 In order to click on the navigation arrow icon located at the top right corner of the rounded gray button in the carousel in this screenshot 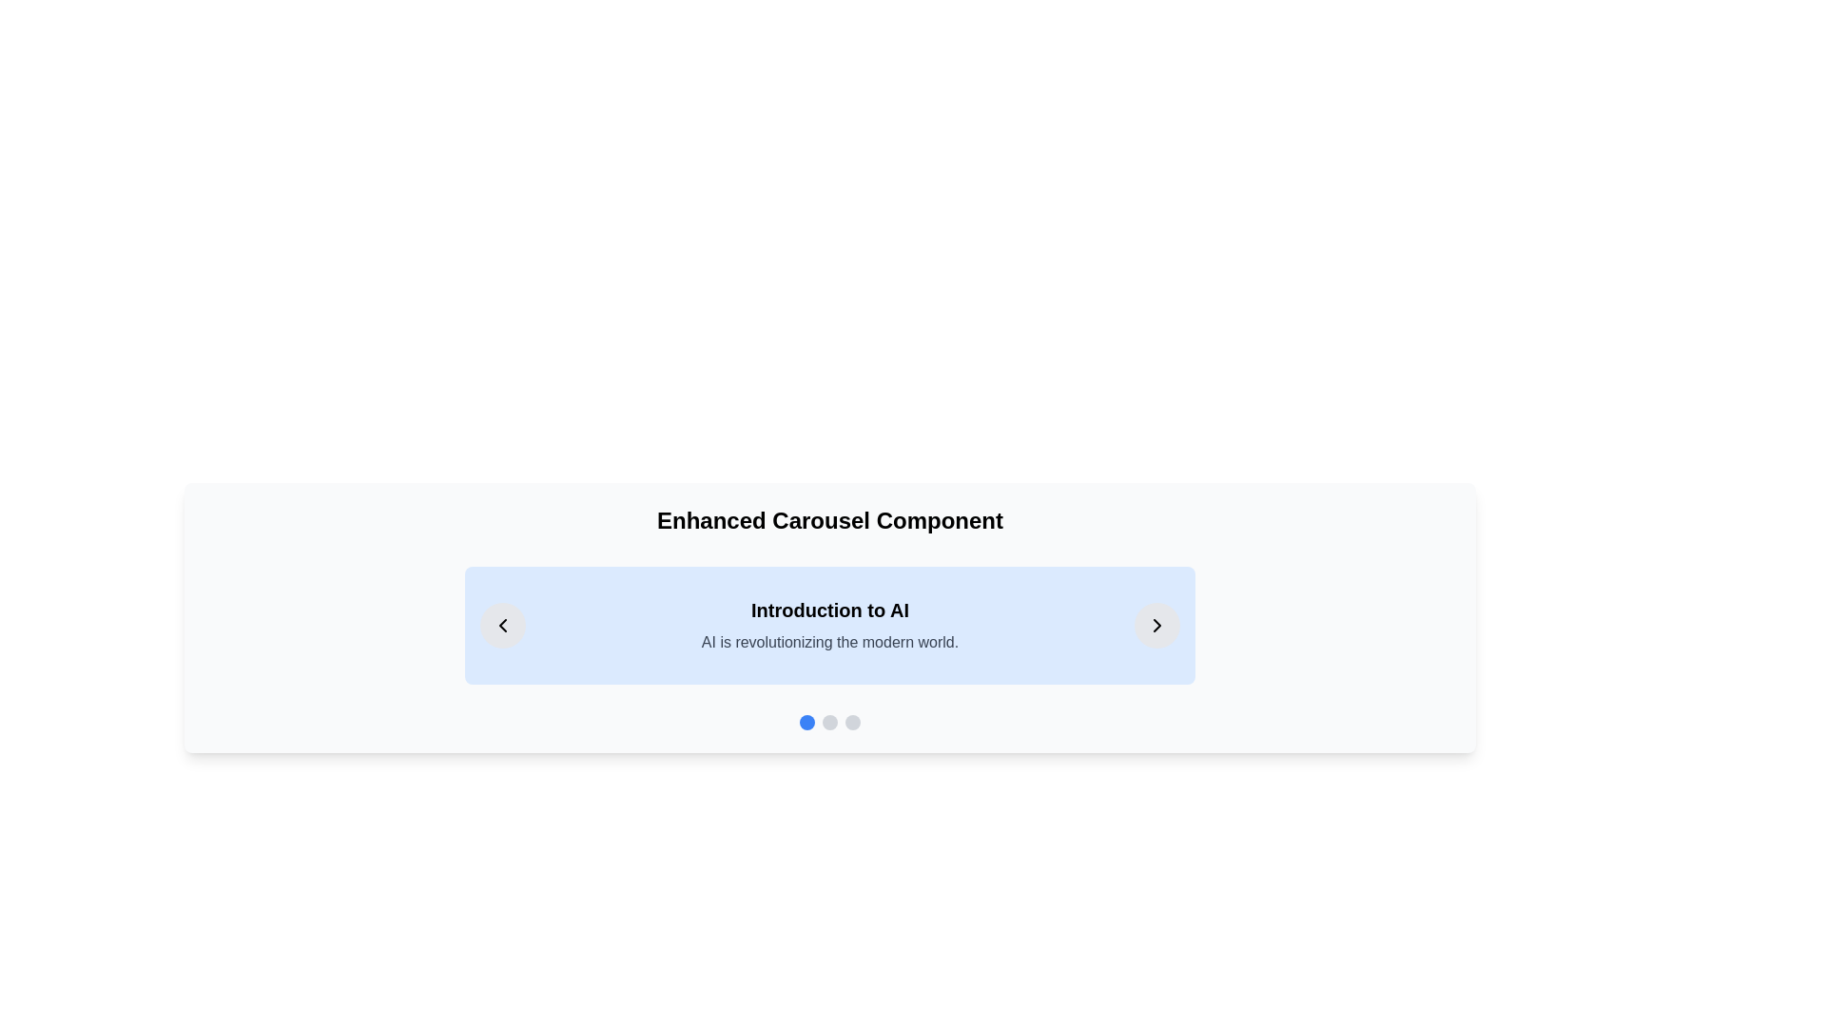, I will do `click(1156, 626)`.